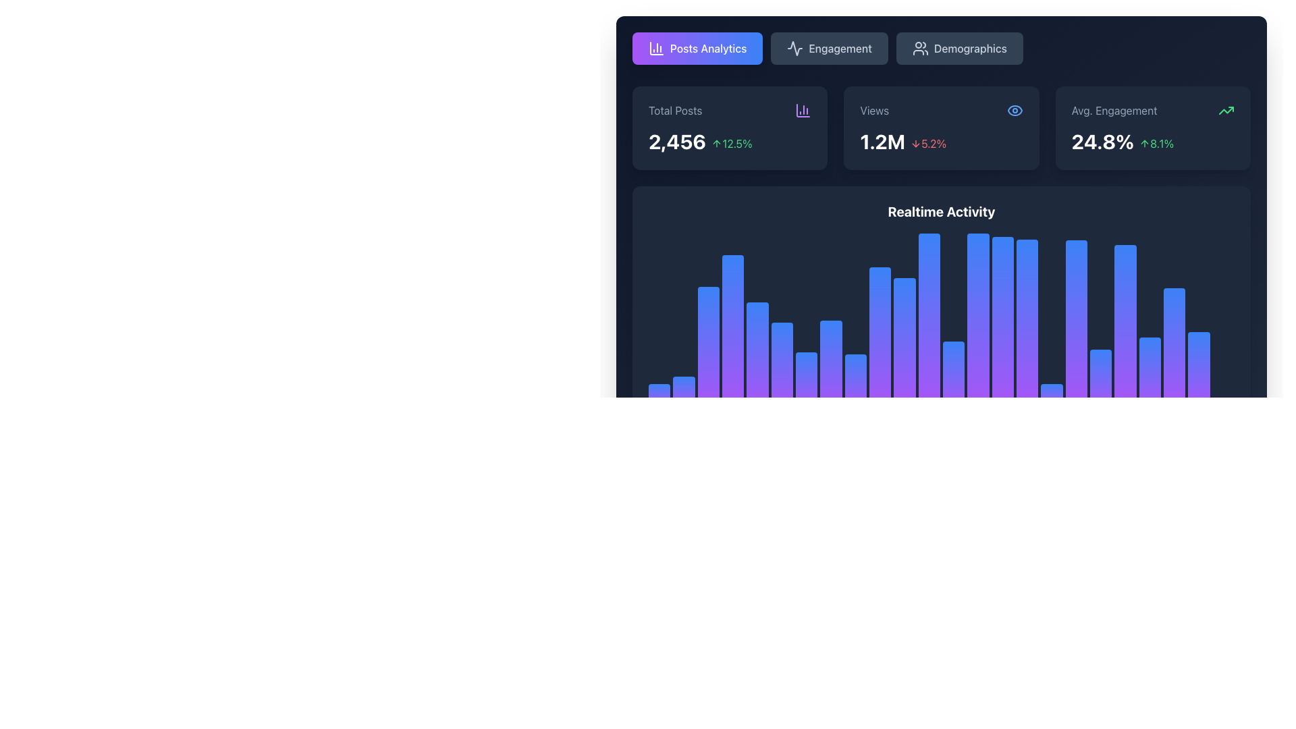 Image resolution: width=1296 pixels, height=729 pixels. What do you see at coordinates (657, 48) in the screenshot?
I see `the analytics icon located to the left of the 'Posts Analytics' button in the top-left corner of the interface` at bounding box center [657, 48].